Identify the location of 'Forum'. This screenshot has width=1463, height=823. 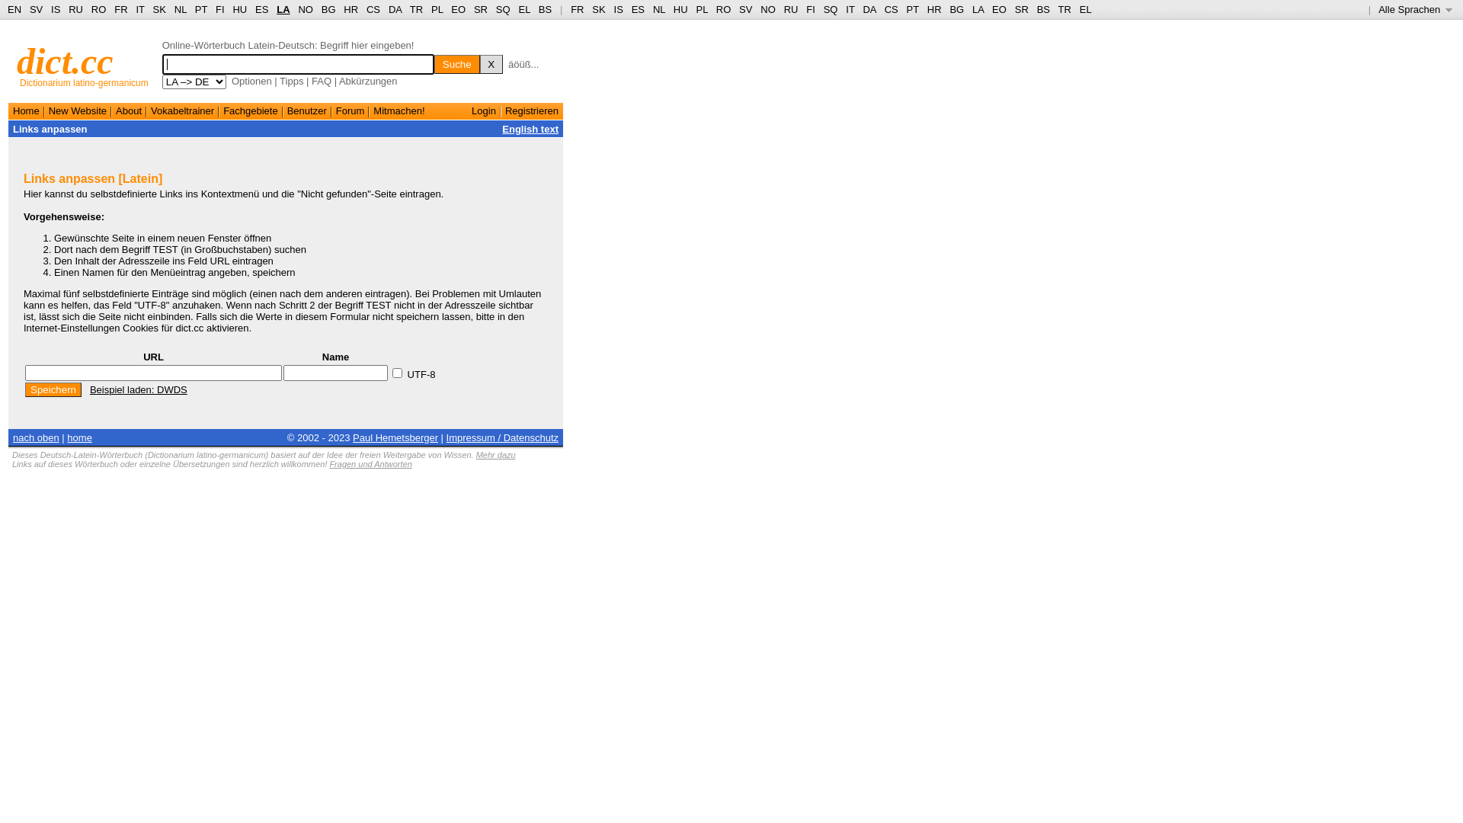
(350, 110).